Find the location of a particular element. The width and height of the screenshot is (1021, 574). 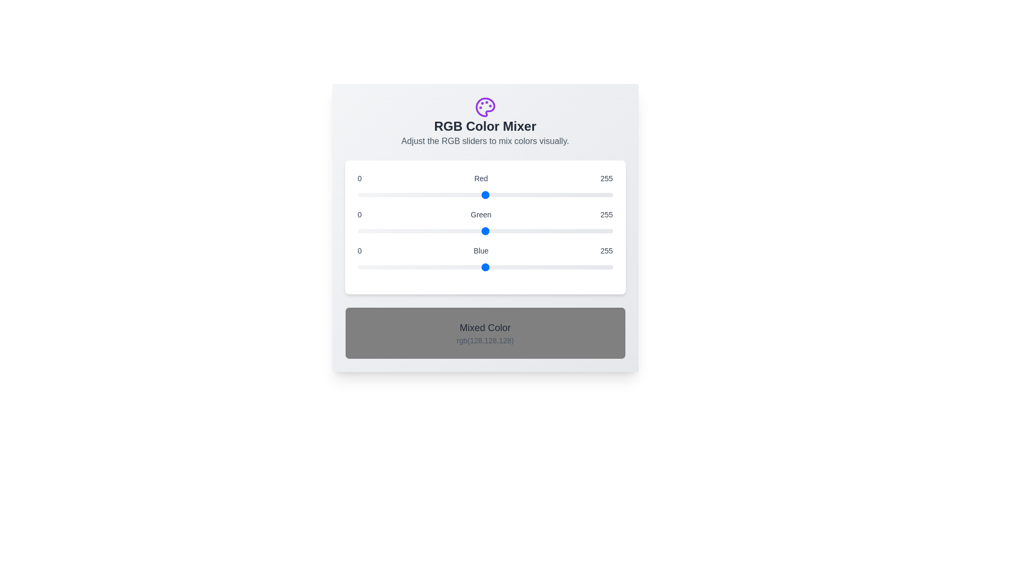

the 0 slider to the value 254 to observe the resulting mixed color is located at coordinates (484, 195).